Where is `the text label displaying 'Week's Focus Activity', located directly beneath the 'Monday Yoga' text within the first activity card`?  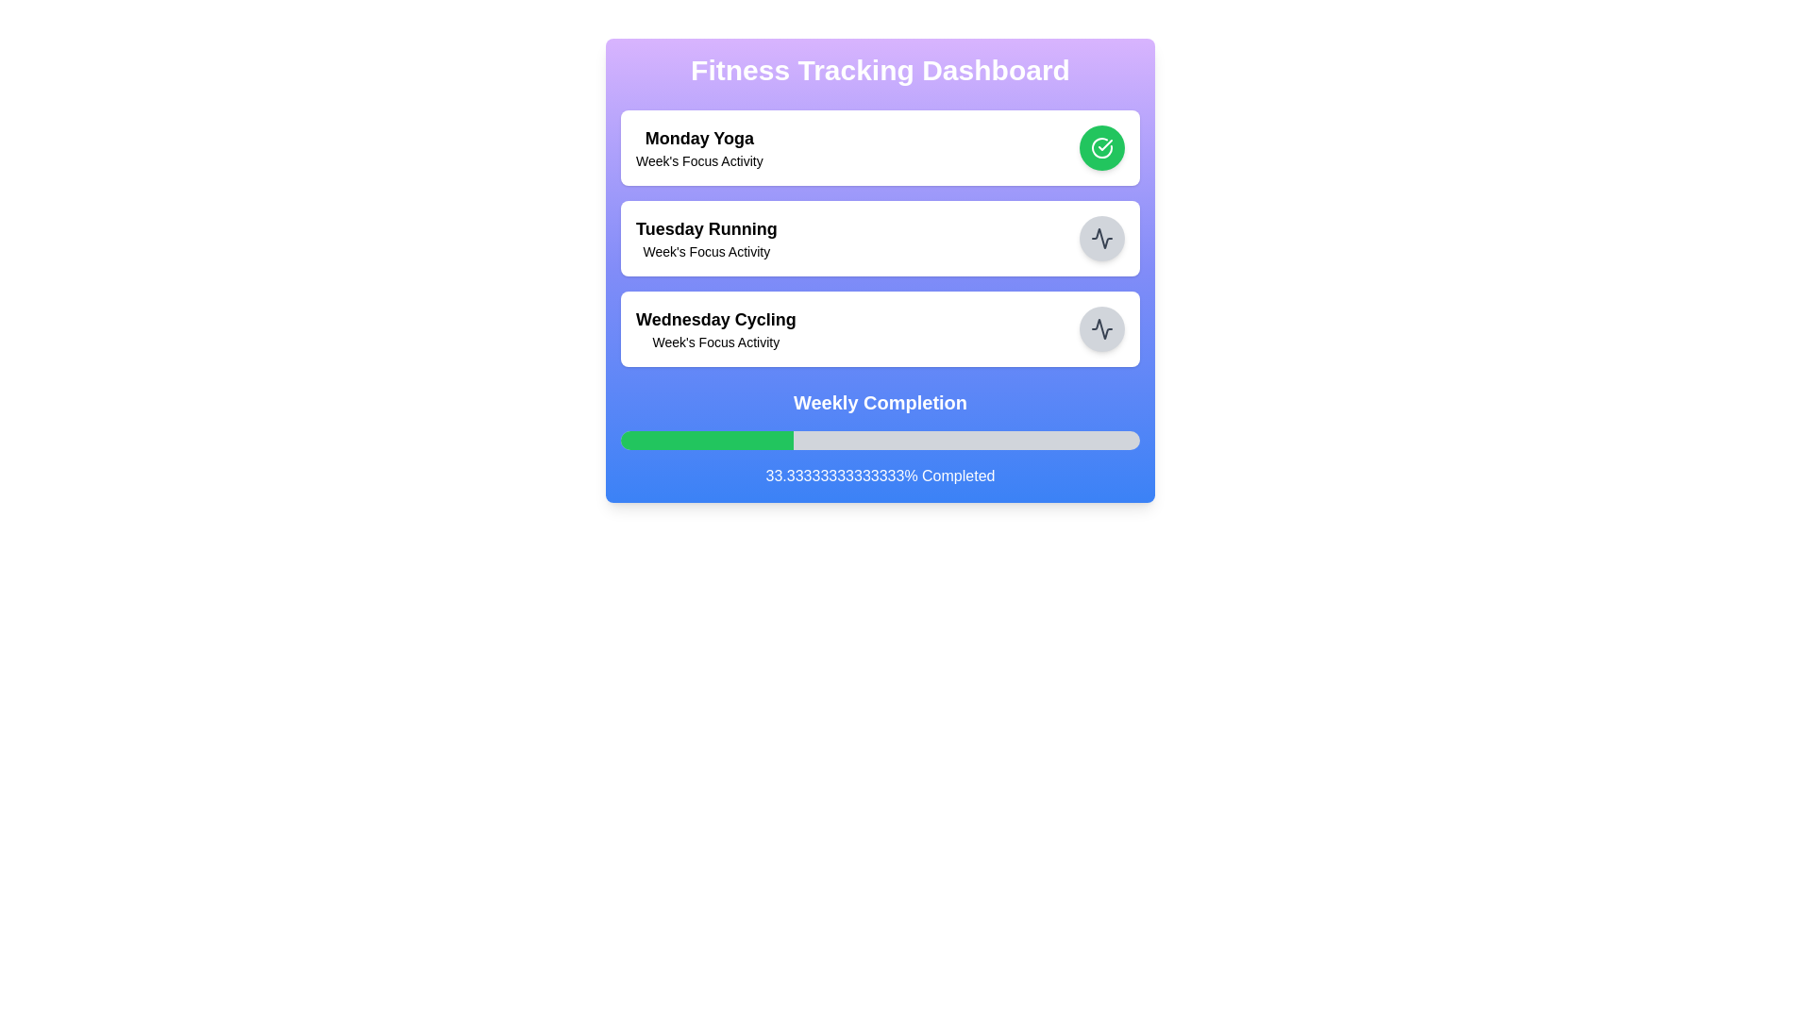
the text label displaying 'Week's Focus Activity', located directly beneath the 'Monday Yoga' text within the first activity card is located at coordinates (698, 159).